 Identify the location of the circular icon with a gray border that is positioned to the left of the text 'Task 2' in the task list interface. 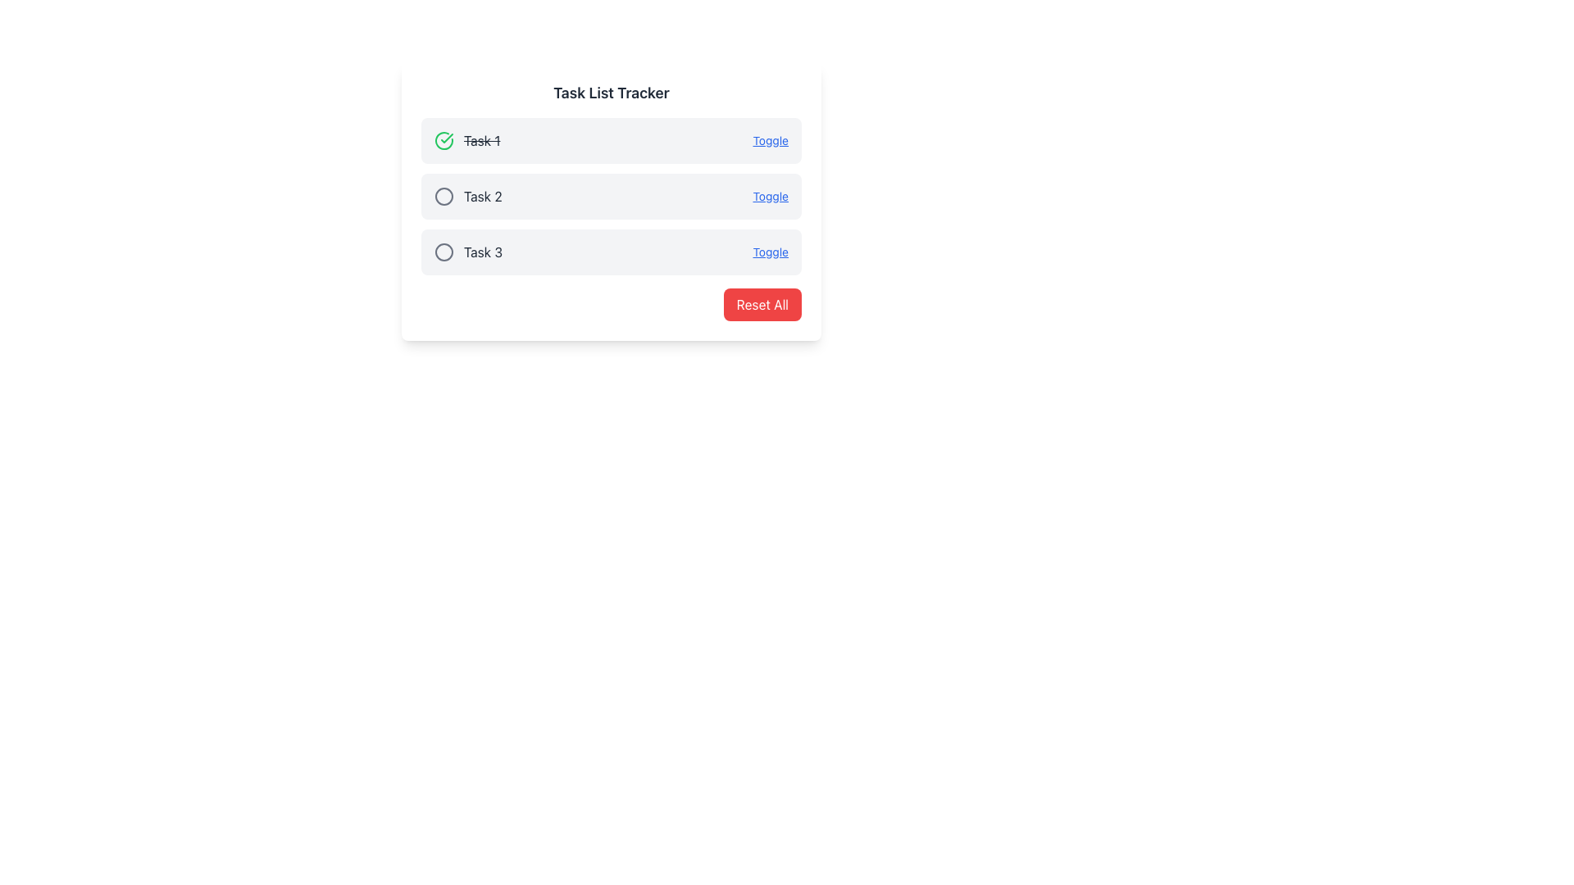
(444, 195).